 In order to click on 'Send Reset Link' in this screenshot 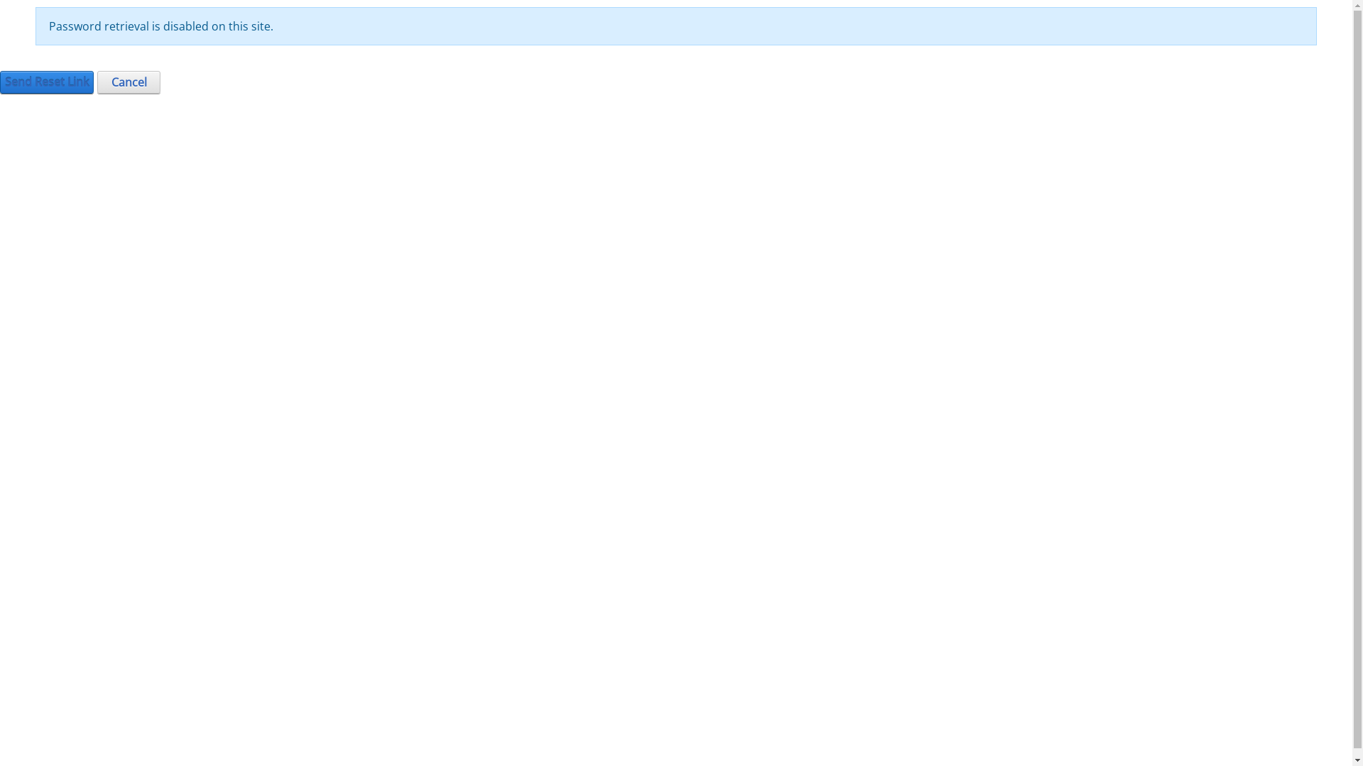, I will do `click(47, 82)`.